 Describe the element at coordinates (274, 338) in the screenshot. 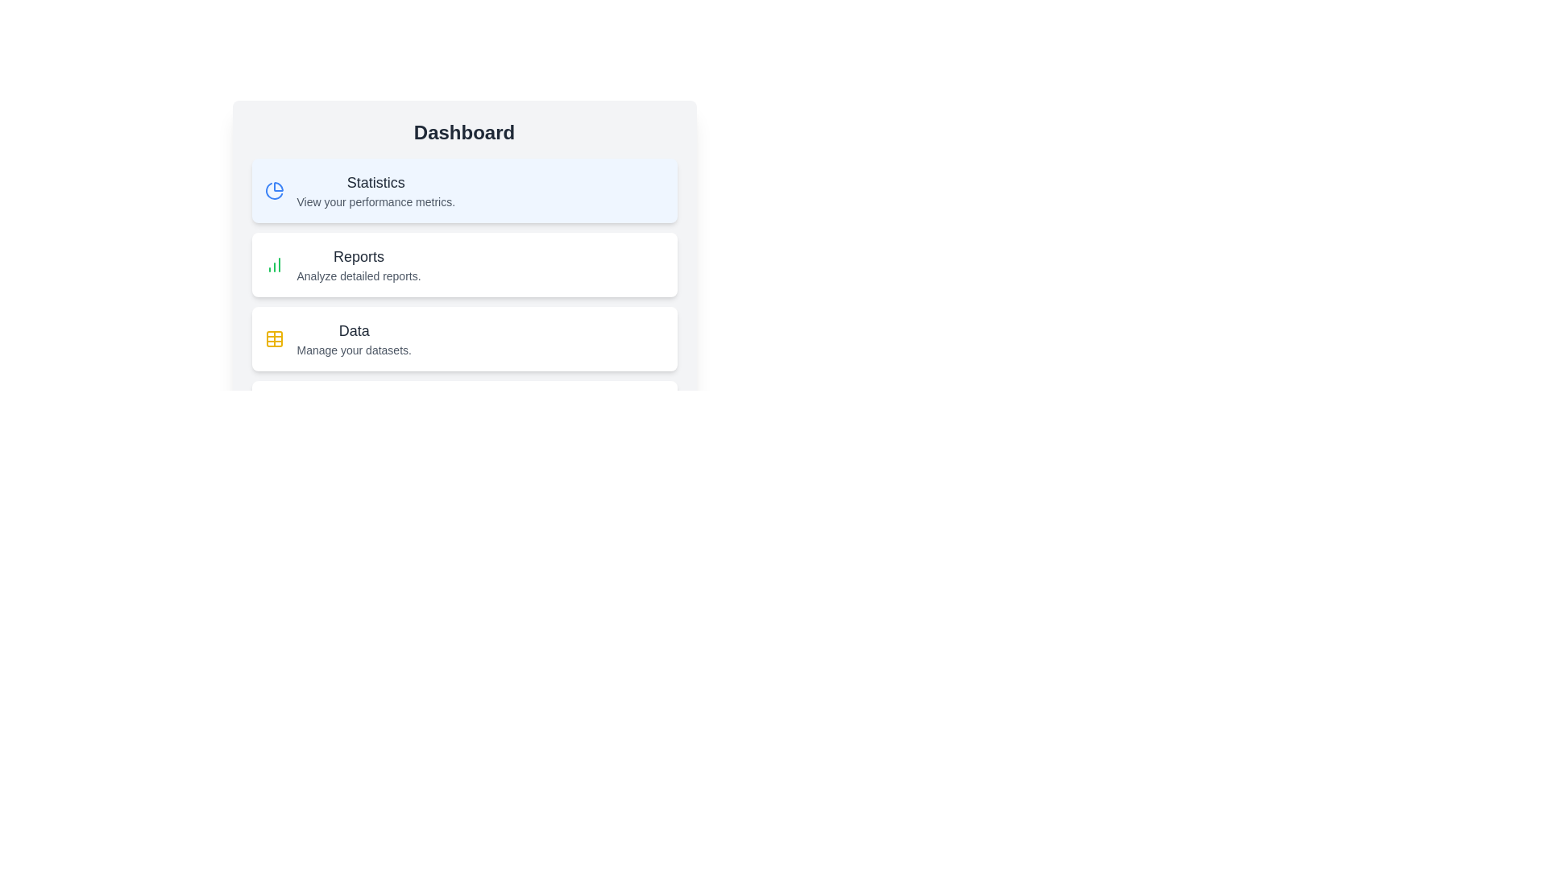

I see `the section icon corresponding to Data` at that location.